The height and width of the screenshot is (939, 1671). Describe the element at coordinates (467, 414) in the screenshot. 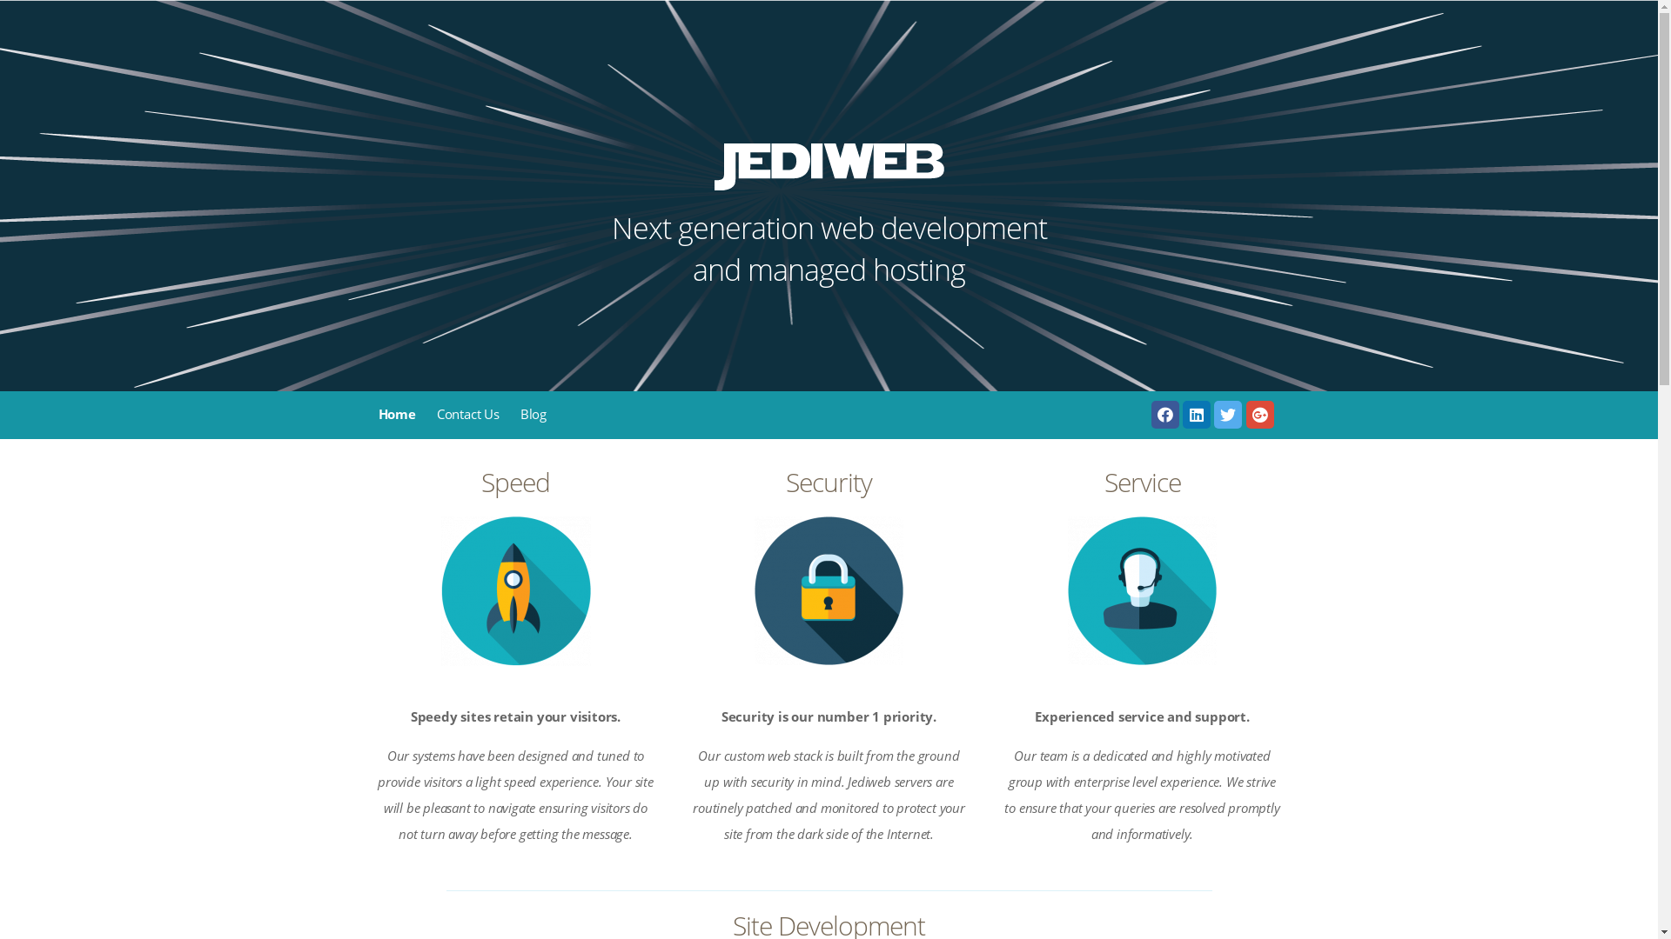

I see `'Contact Us'` at that location.